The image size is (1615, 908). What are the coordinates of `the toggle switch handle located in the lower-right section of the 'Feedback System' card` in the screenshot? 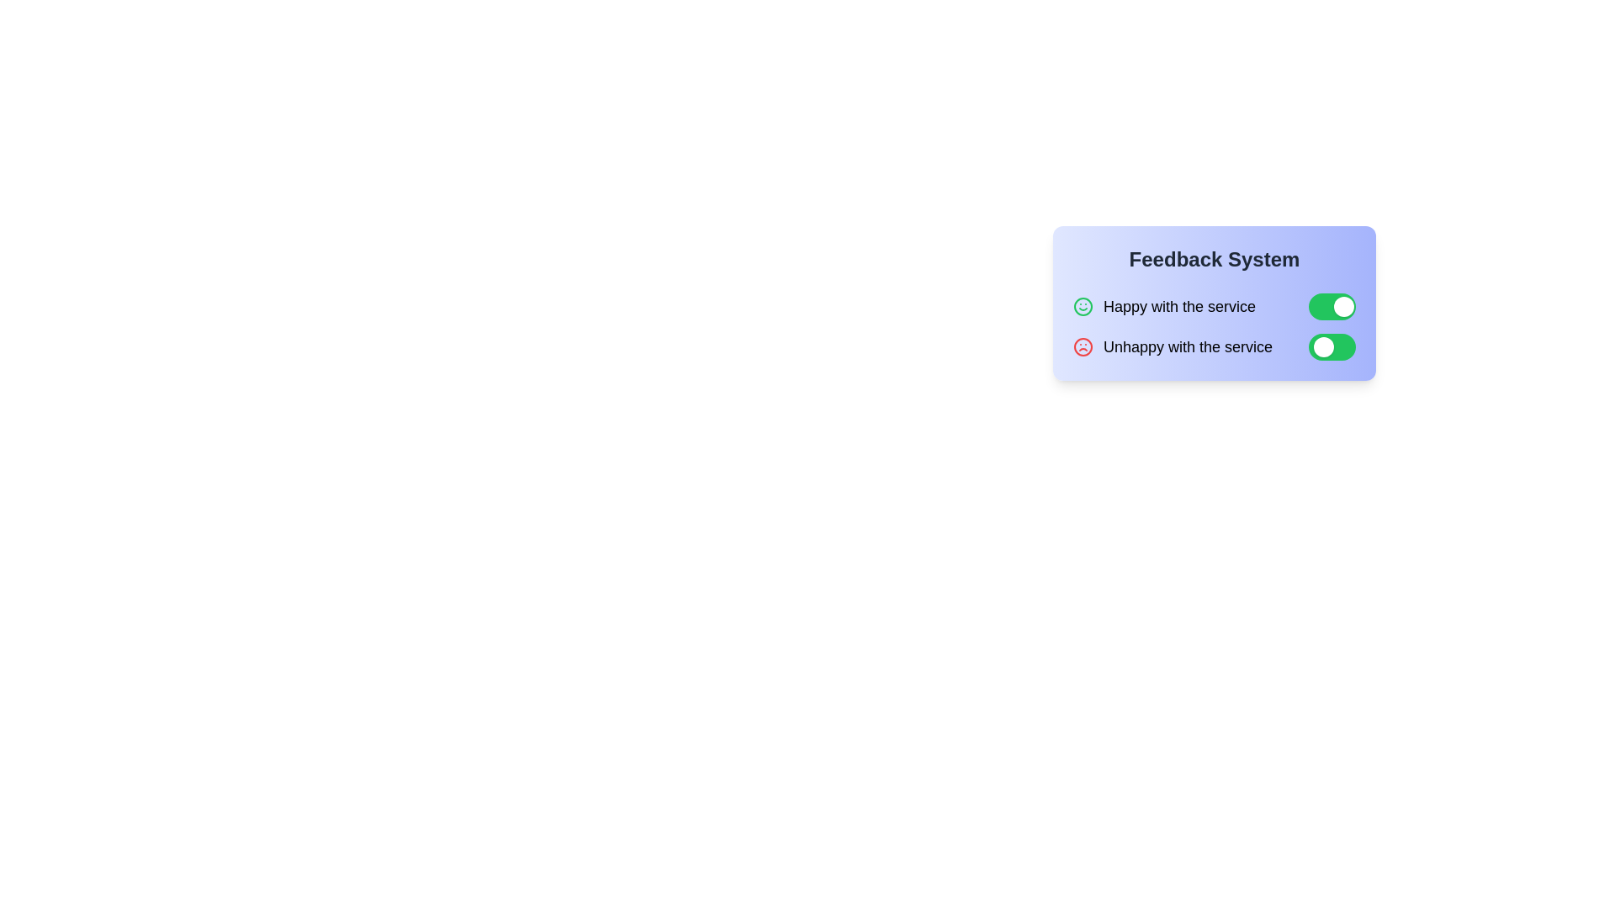 It's located at (1323, 346).